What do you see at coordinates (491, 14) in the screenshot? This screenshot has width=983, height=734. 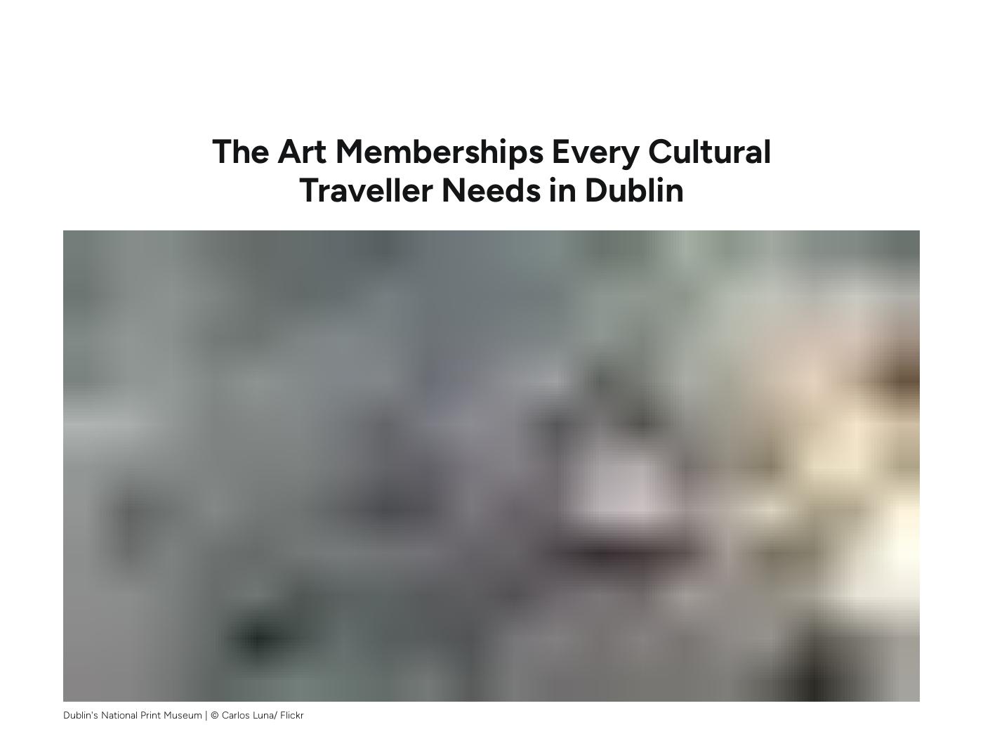 I see `'Black Friday Offer: Save up to $956 on Our Most Popular Trips! Limited Spots. Book today.'` at bounding box center [491, 14].